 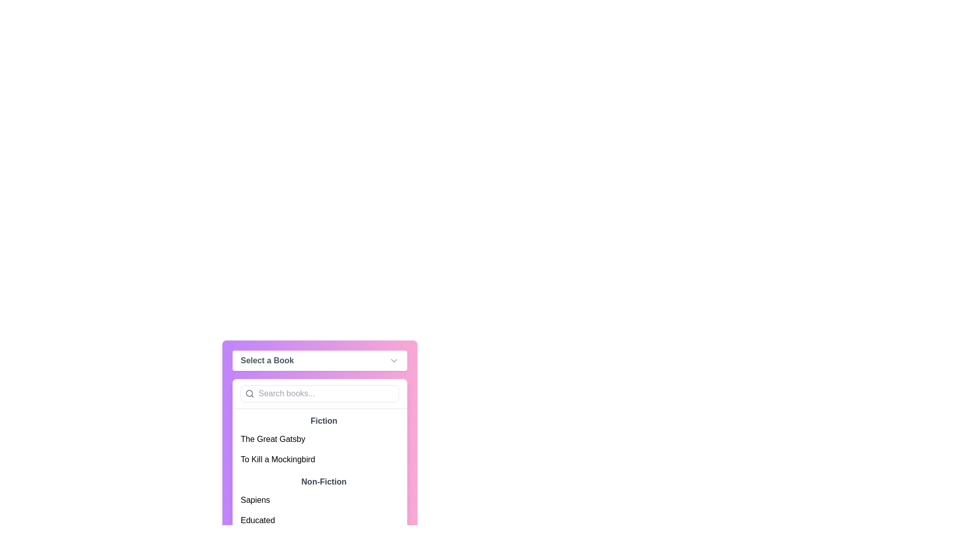 I want to click on the chevron-down icon indicating an expandable dropdown located on the right side of the 'Select a Book' dropdown, so click(x=394, y=360).